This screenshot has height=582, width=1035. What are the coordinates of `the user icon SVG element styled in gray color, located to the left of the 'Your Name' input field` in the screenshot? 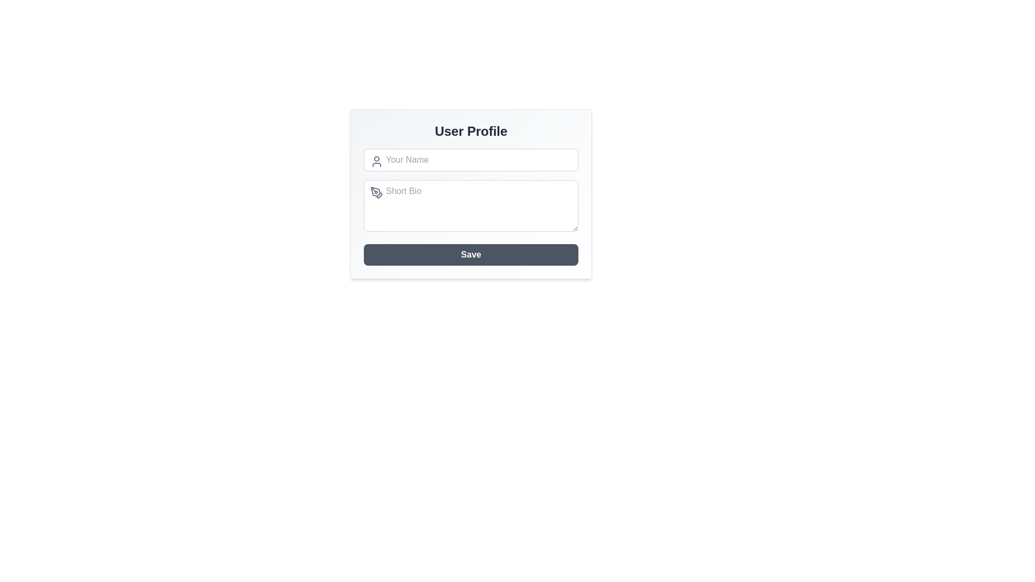 It's located at (377, 162).